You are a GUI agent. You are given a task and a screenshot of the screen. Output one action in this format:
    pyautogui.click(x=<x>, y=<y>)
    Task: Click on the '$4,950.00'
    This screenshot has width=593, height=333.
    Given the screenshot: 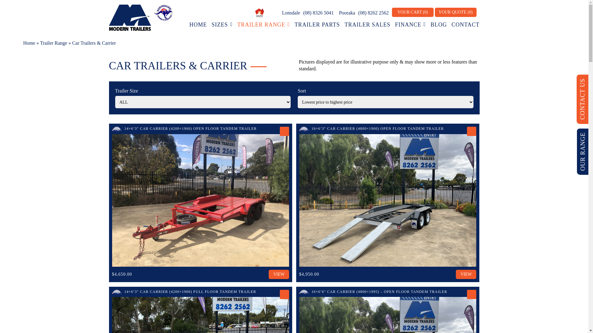 What is the action you would take?
    pyautogui.click(x=309, y=274)
    